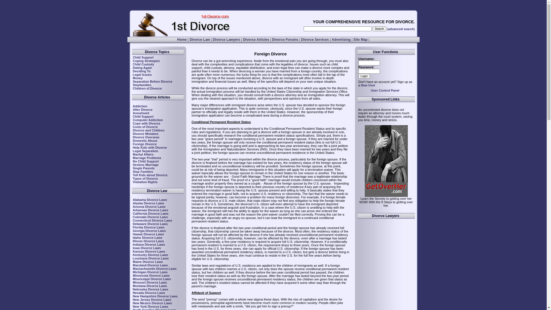 This screenshot has height=310, width=551. Describe the element at coordinates (132, 203) in the screenshot. I see `'Alaska Divorce Laws'` at that location.